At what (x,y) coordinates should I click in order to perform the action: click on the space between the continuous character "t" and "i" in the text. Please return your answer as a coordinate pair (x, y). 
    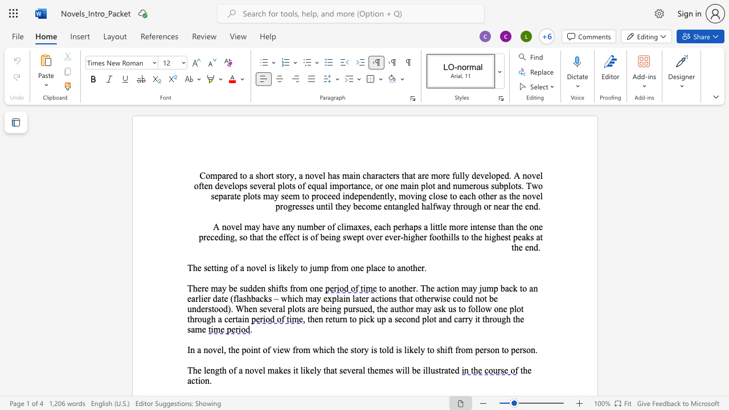
    Looking at the image, I should click on (198, 380).